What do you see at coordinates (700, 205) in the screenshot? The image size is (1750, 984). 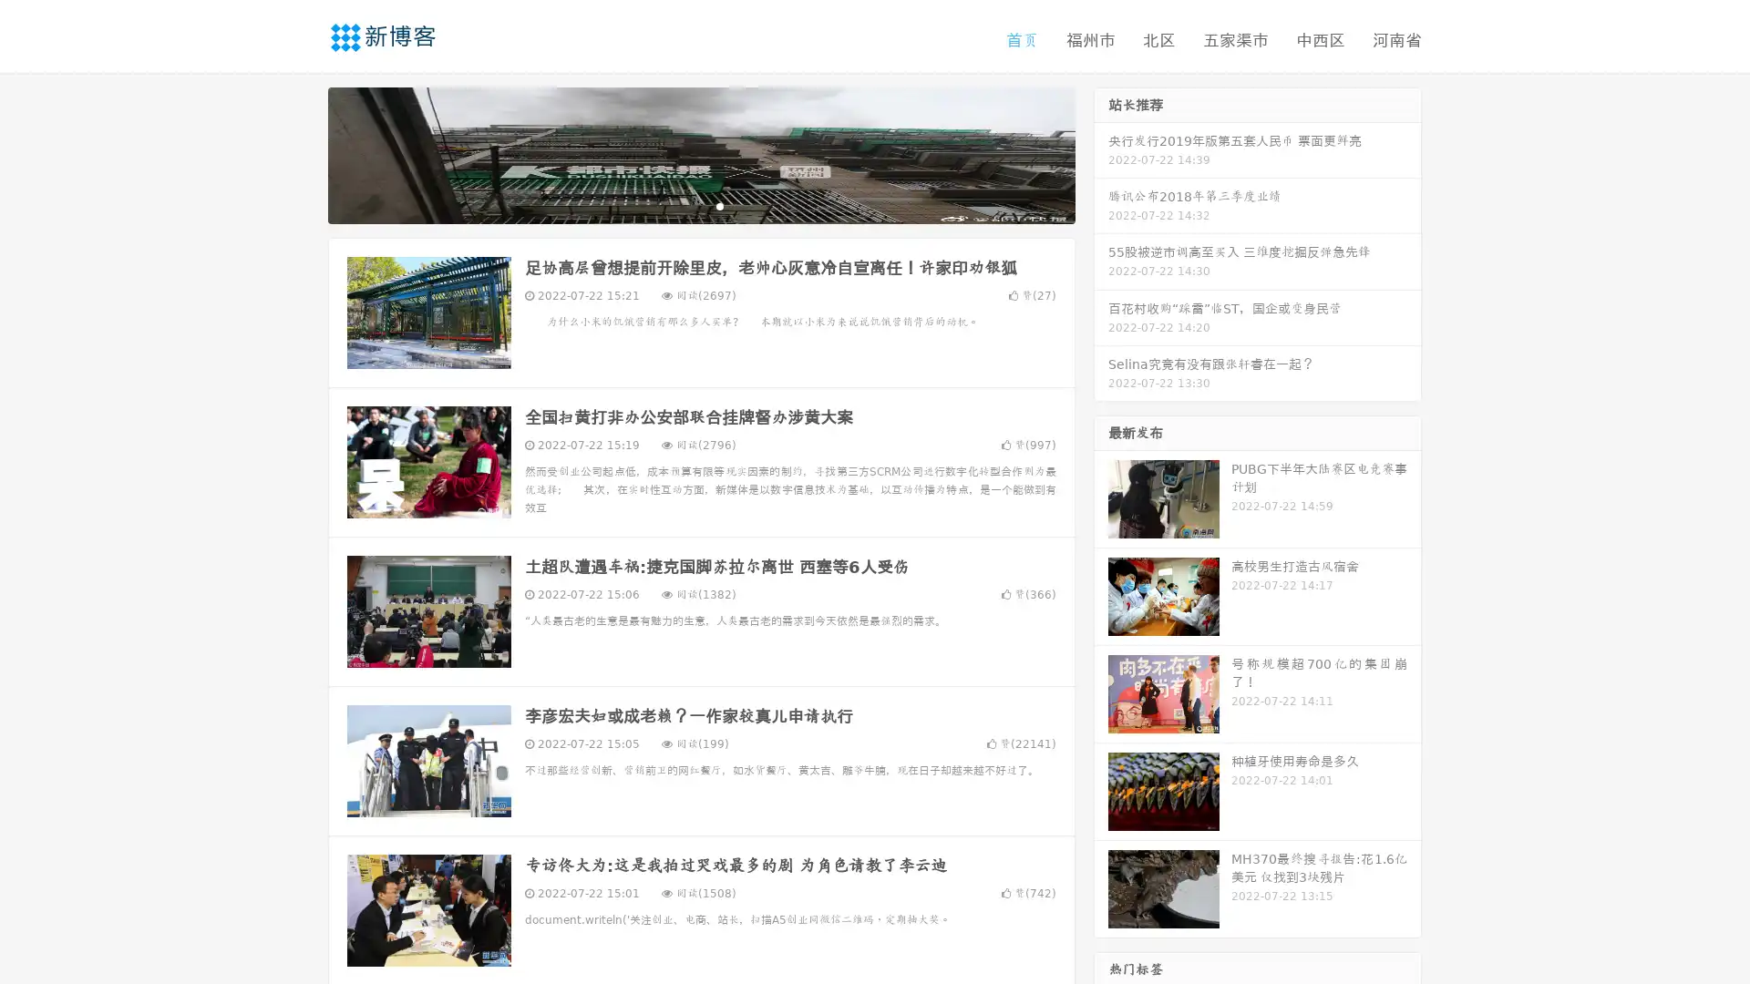 I see `Go to slide 2` at bounding box center [700, 205].